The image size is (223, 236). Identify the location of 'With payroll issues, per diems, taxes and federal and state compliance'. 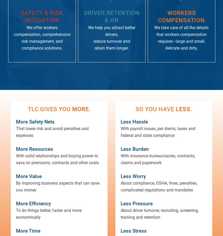
(120, 131).